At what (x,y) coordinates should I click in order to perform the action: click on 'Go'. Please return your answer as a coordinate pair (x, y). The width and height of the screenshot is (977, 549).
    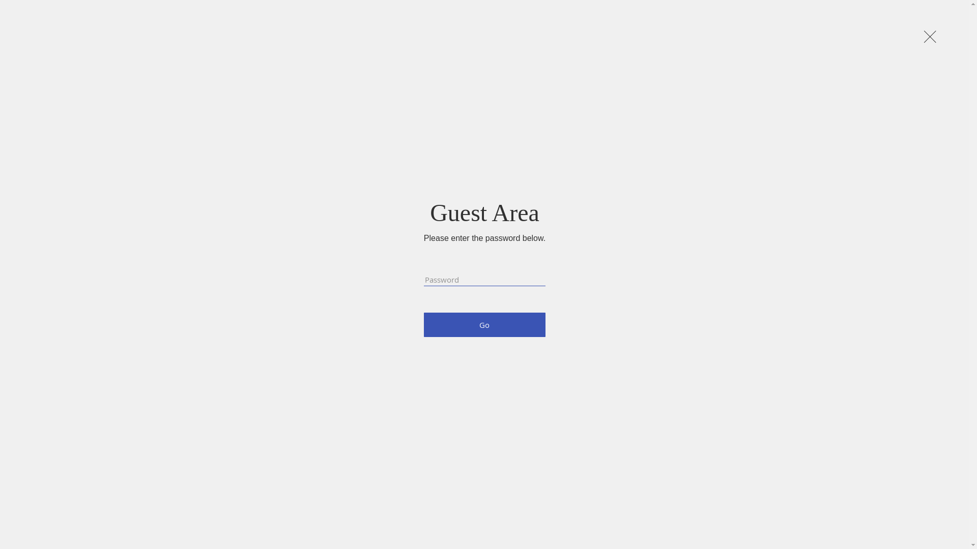
    Looking at the image, I should click on (484, 325).